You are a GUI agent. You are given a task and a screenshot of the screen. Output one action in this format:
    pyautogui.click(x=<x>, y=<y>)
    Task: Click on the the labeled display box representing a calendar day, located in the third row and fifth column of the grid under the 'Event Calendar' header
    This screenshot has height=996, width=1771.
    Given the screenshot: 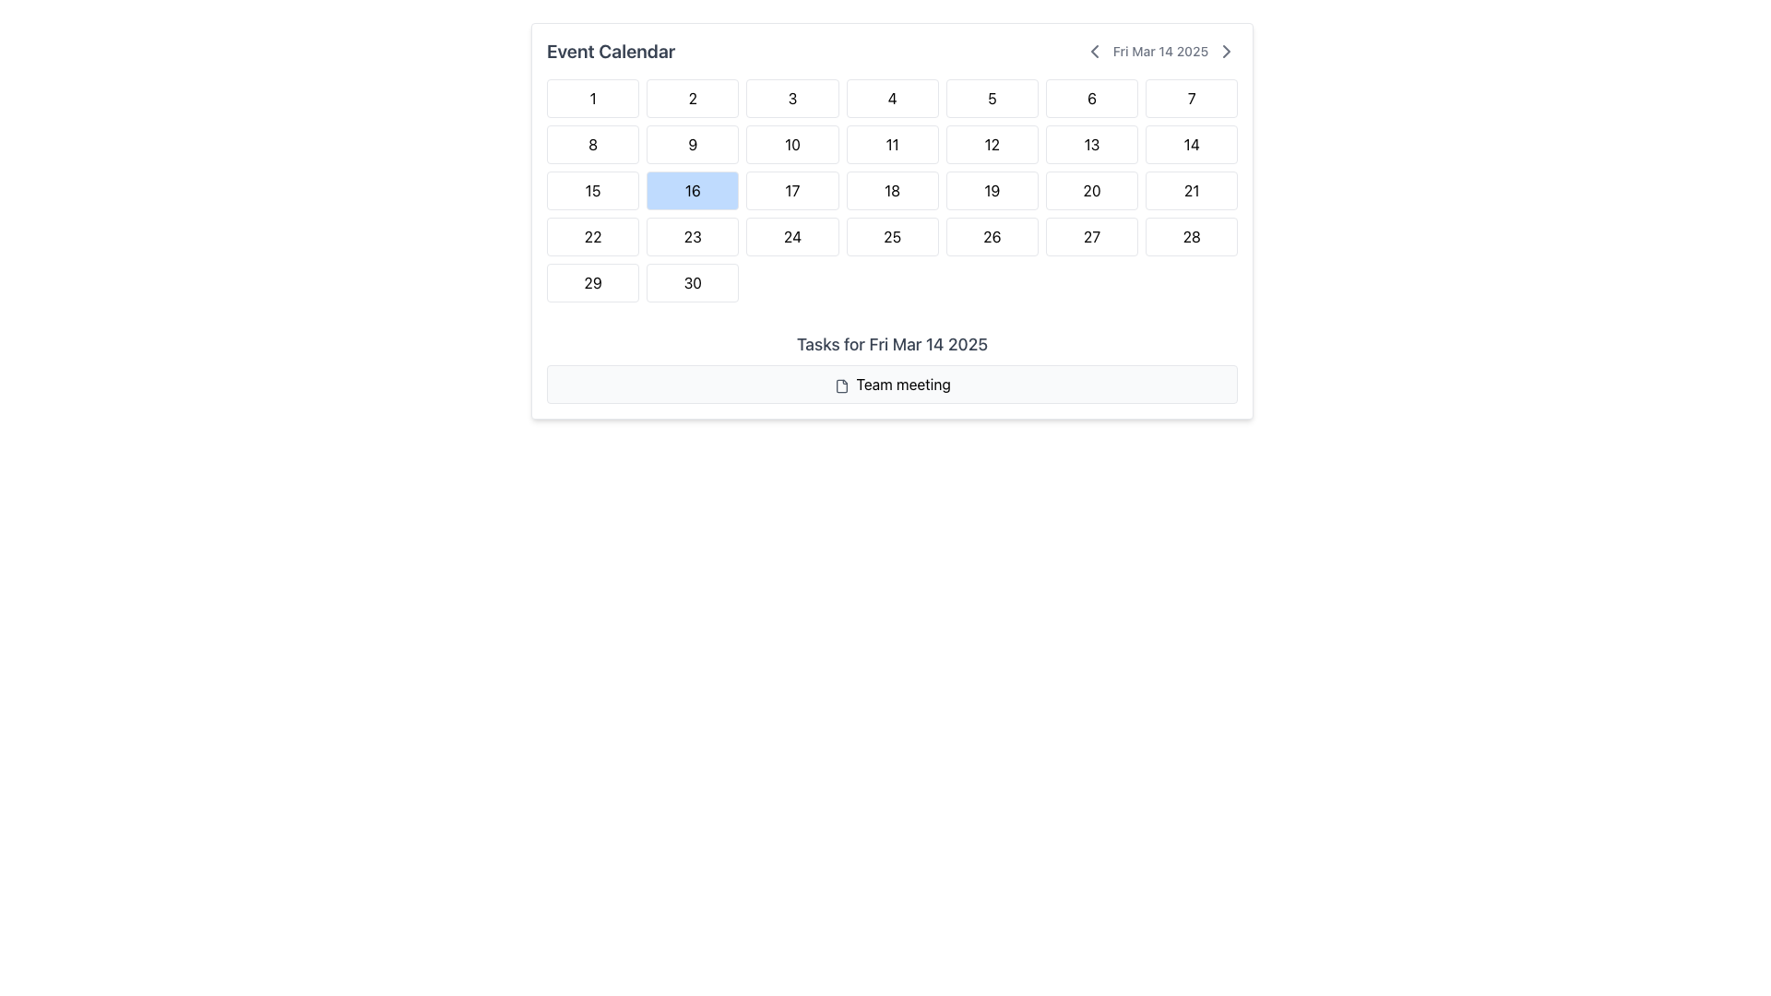 What is the action you would take?
    pyautogui.click(x=991, y=191)
    